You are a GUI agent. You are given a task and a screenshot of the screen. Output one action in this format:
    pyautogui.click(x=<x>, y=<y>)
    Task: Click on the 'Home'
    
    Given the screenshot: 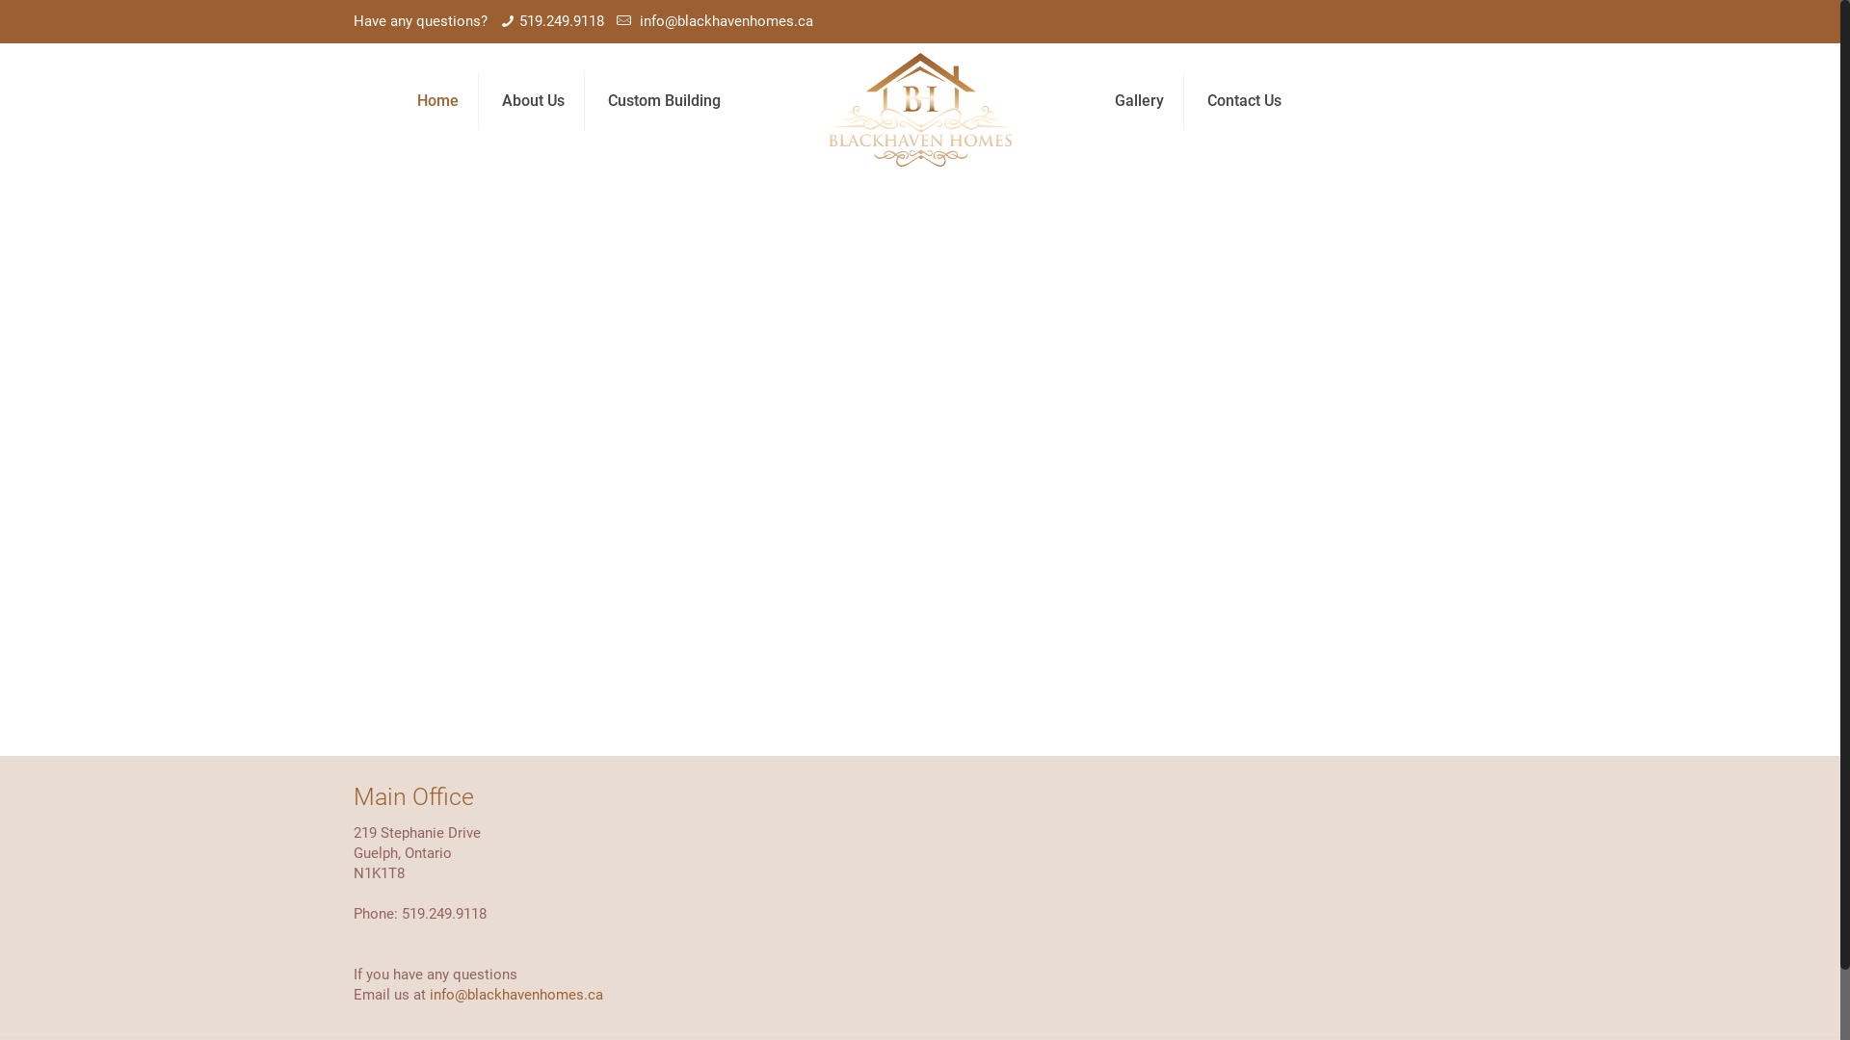 What is the action you would take?
    pyautogui.click(x=437, y=100)
    